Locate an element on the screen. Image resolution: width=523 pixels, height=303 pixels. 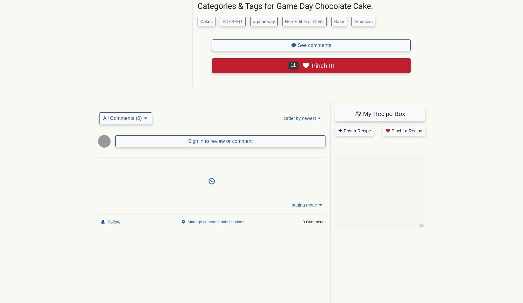
'Post a Recipe' is located at coordinates (357, 131).